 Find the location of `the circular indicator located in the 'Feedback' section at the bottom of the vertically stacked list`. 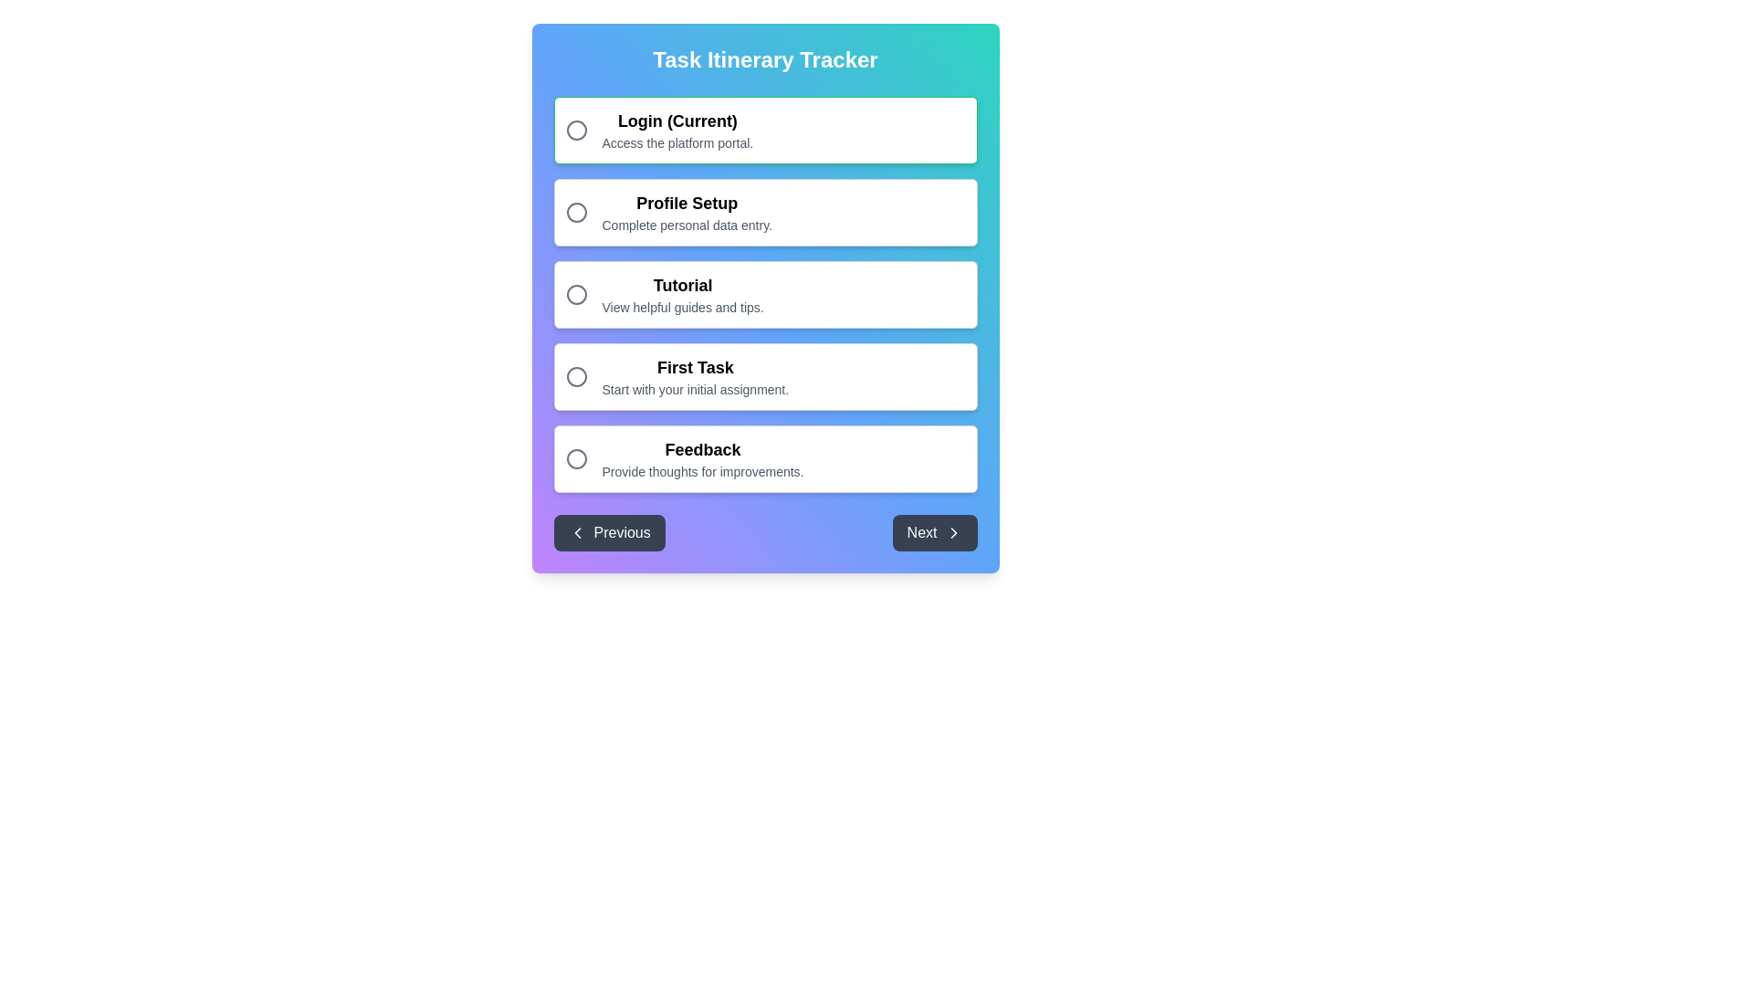

the circular indicator located in the 'Feedback' section at the bottom of the vertically stacked list is located at coordinates (575, 457).